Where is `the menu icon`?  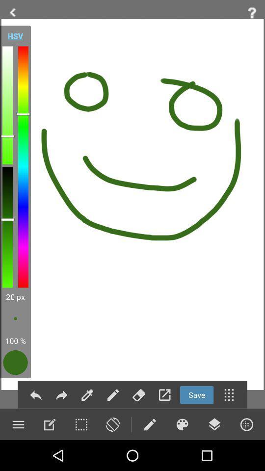
the menu icon is located at coordinates (18, 424).